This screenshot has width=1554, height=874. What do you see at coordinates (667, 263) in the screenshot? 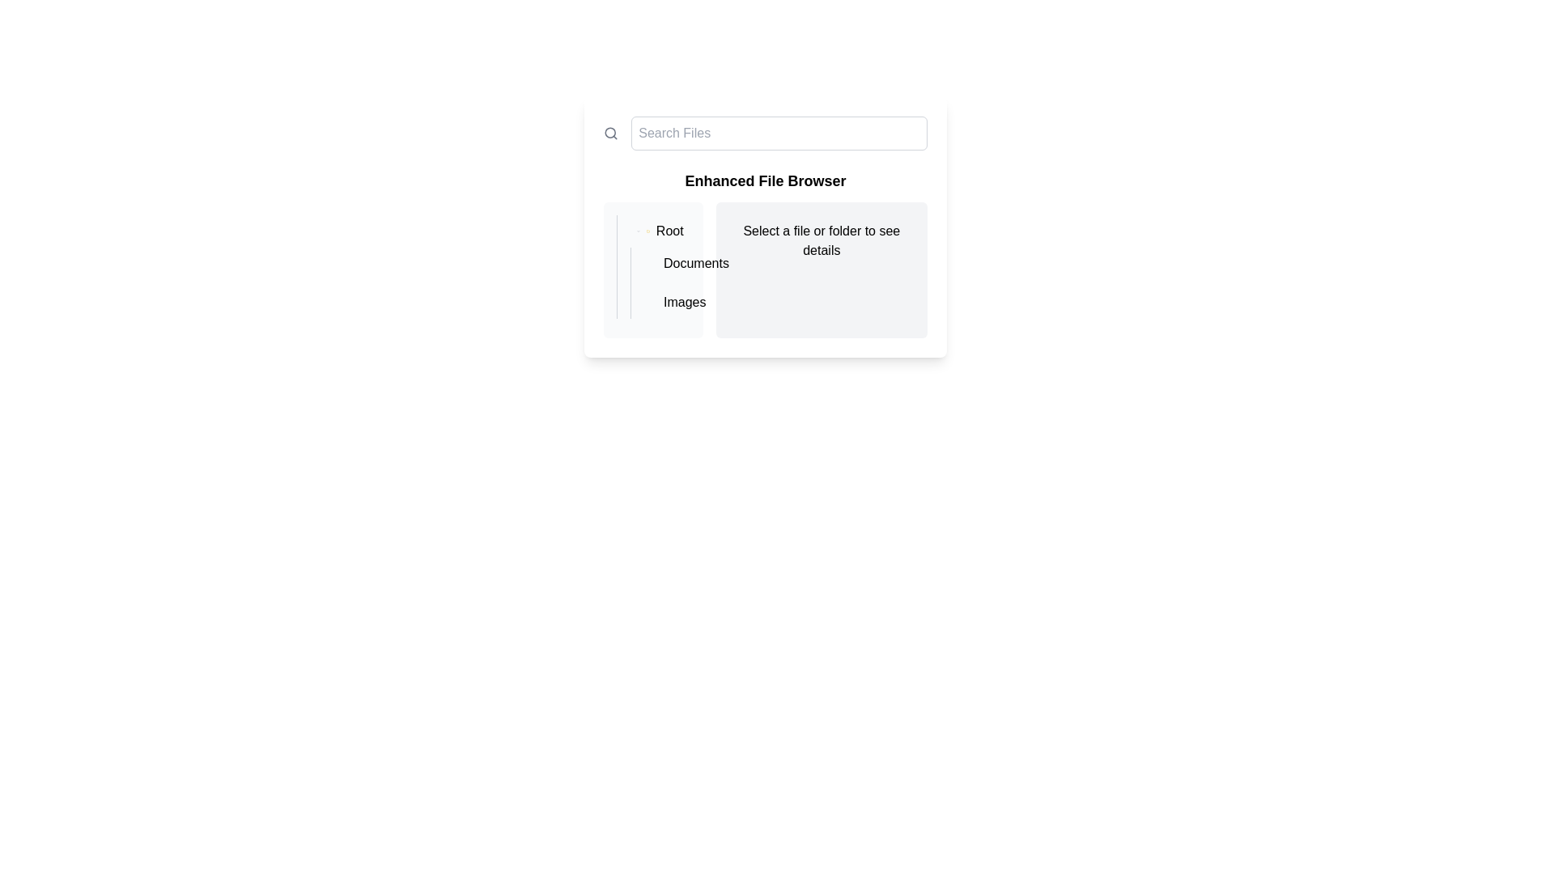
I see `the 'Documents' text label, which is styled in bold and located in the left panel of the file browser` at bounding box center [667, 263].